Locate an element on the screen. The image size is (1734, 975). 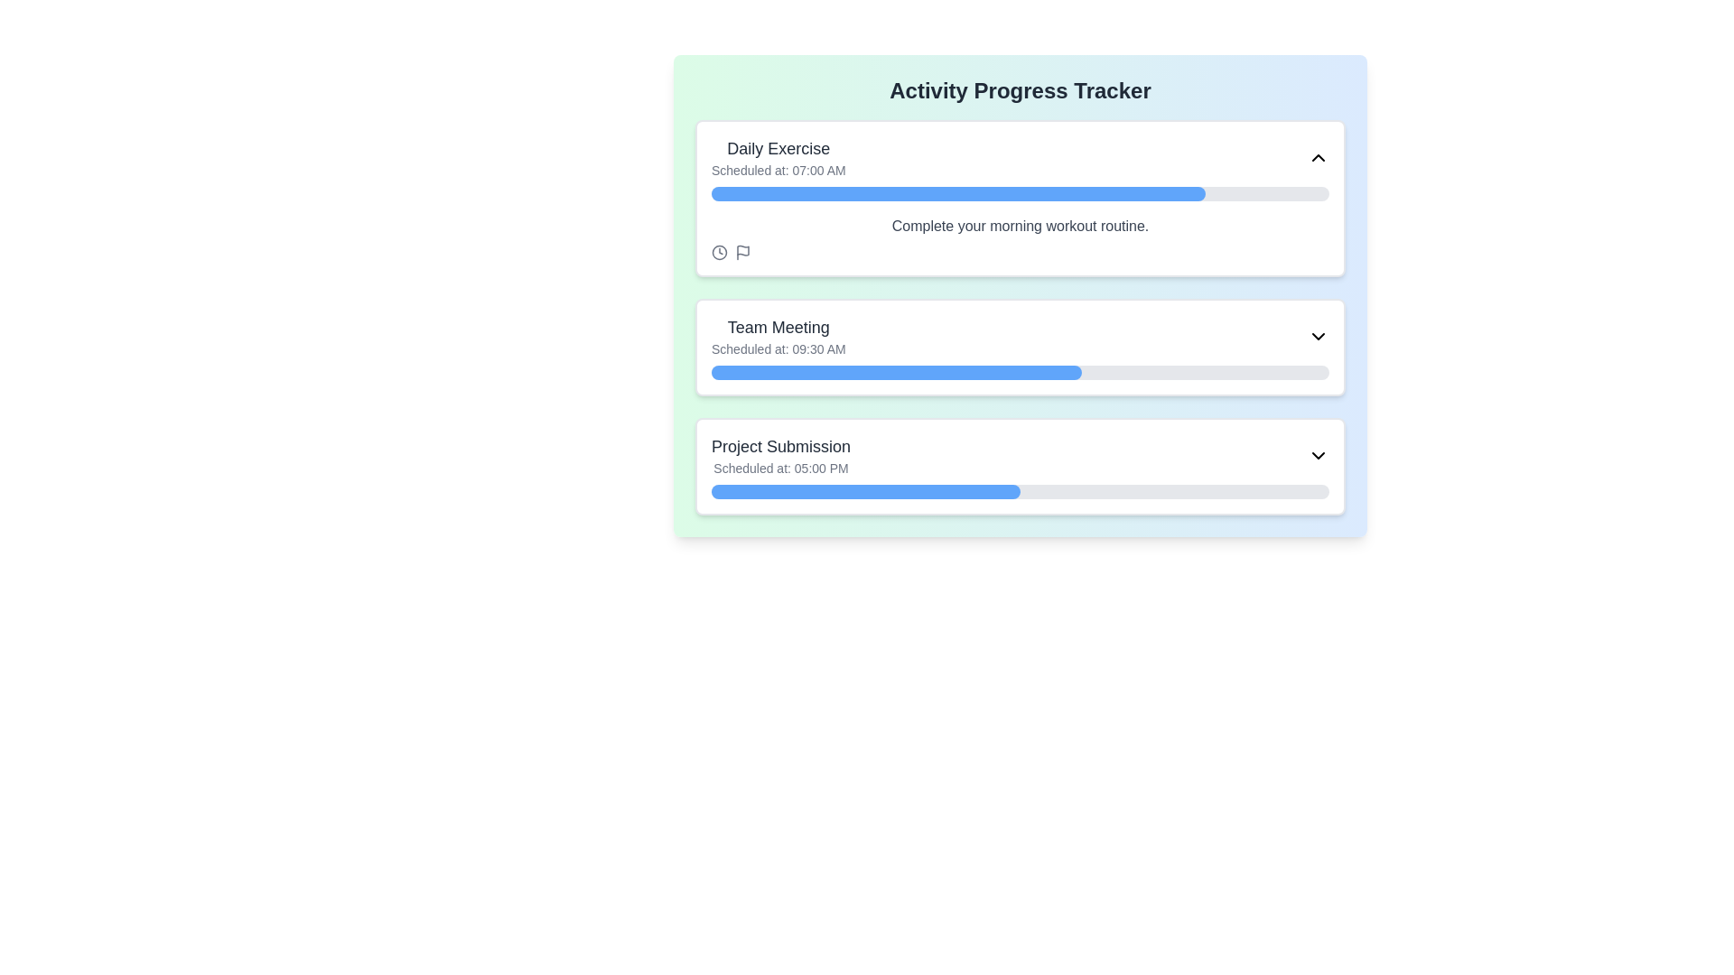
the blue section of the progress bar representing the 'Team Meeting' task to interact with it is located at coordinates (1020, 371).